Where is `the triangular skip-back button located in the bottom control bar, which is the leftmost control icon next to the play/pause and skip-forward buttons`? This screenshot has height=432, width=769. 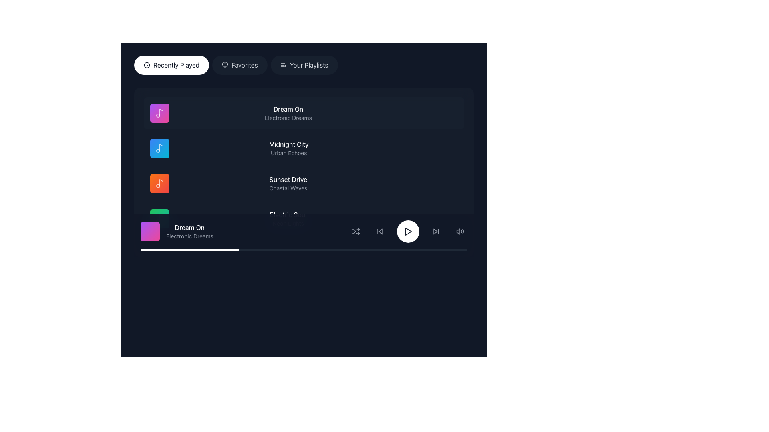 the triangular skip-back button located in the bottom control bar, which is the leftmost control icon next to the play/pause and skip-forward buttons is located at coordinates (380, 231).